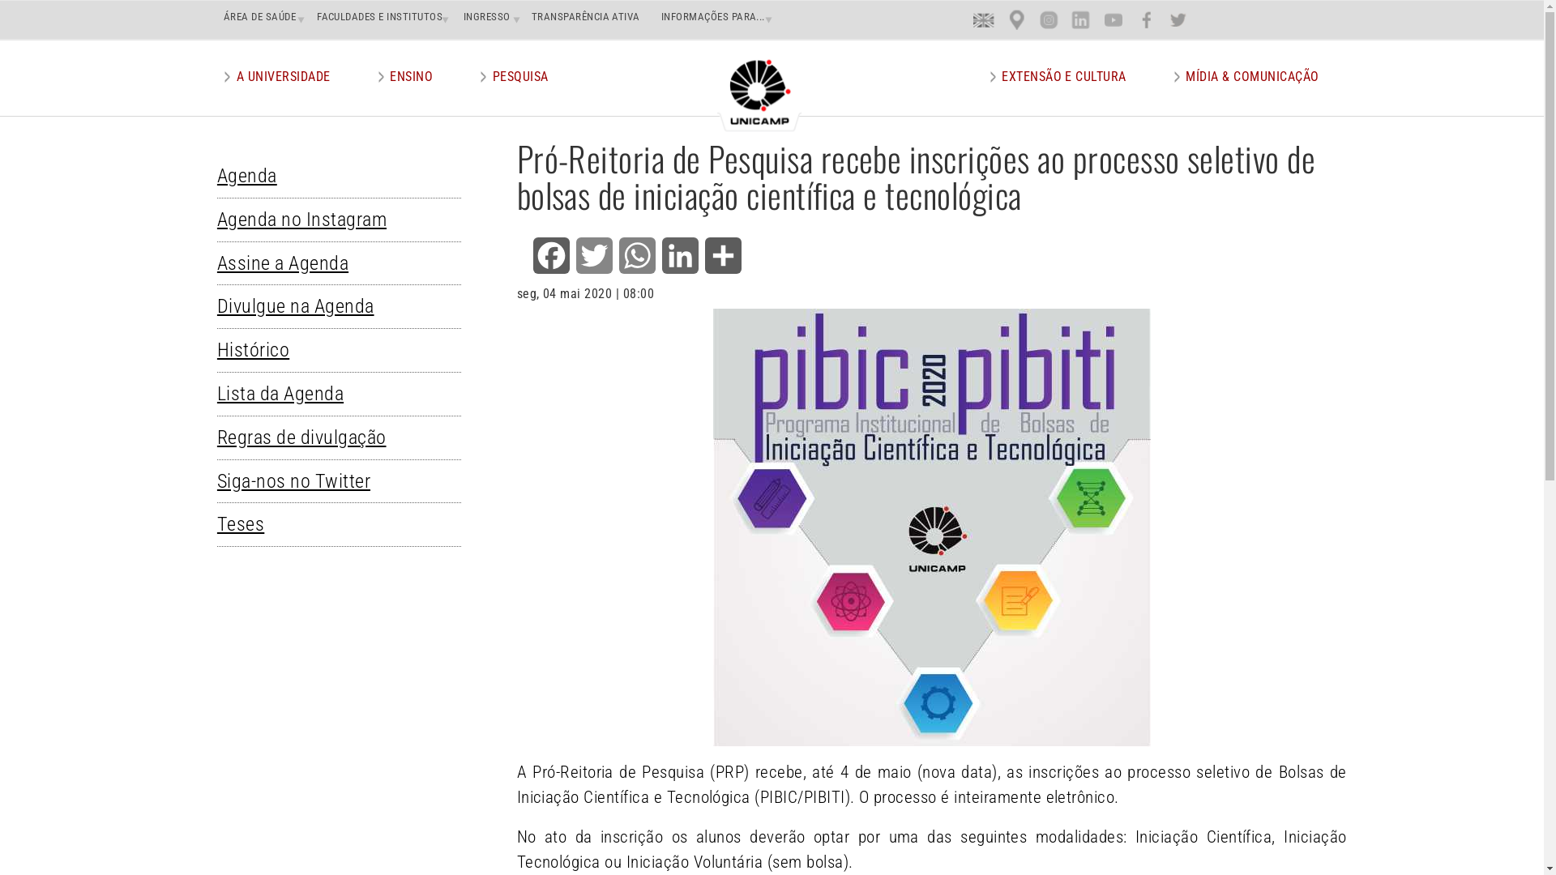 The image size is (1556, 875). What do you see at coordinates (983, 19) in the screenshot?
I see `'En'` at bounding box center [983, 19].